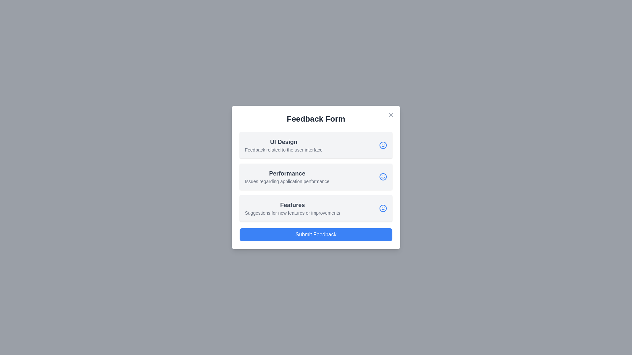 This screenshot has width=632, height=355. I want to click on the 'Submit Feedback' button to submit the feedback, so click(316, 234).